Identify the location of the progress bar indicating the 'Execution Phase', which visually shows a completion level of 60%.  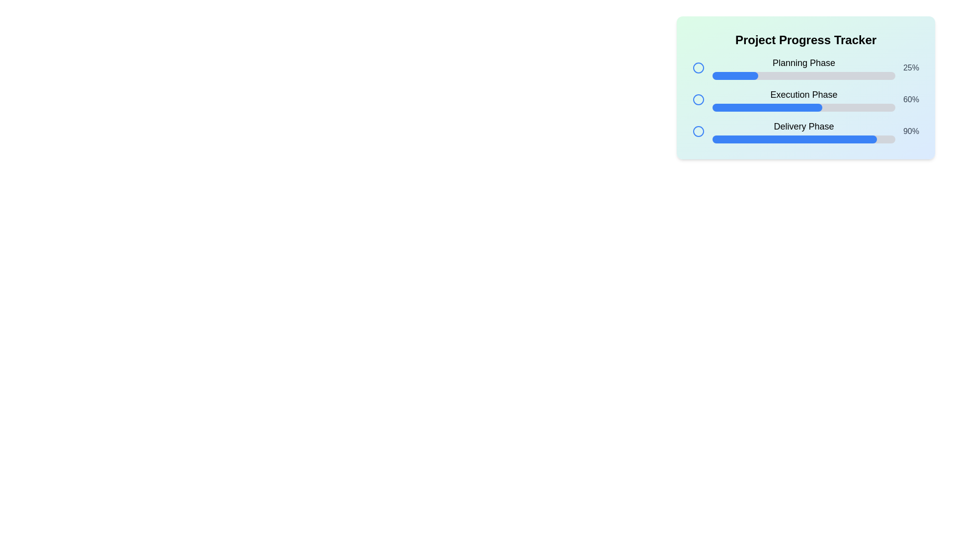
(803, 99).